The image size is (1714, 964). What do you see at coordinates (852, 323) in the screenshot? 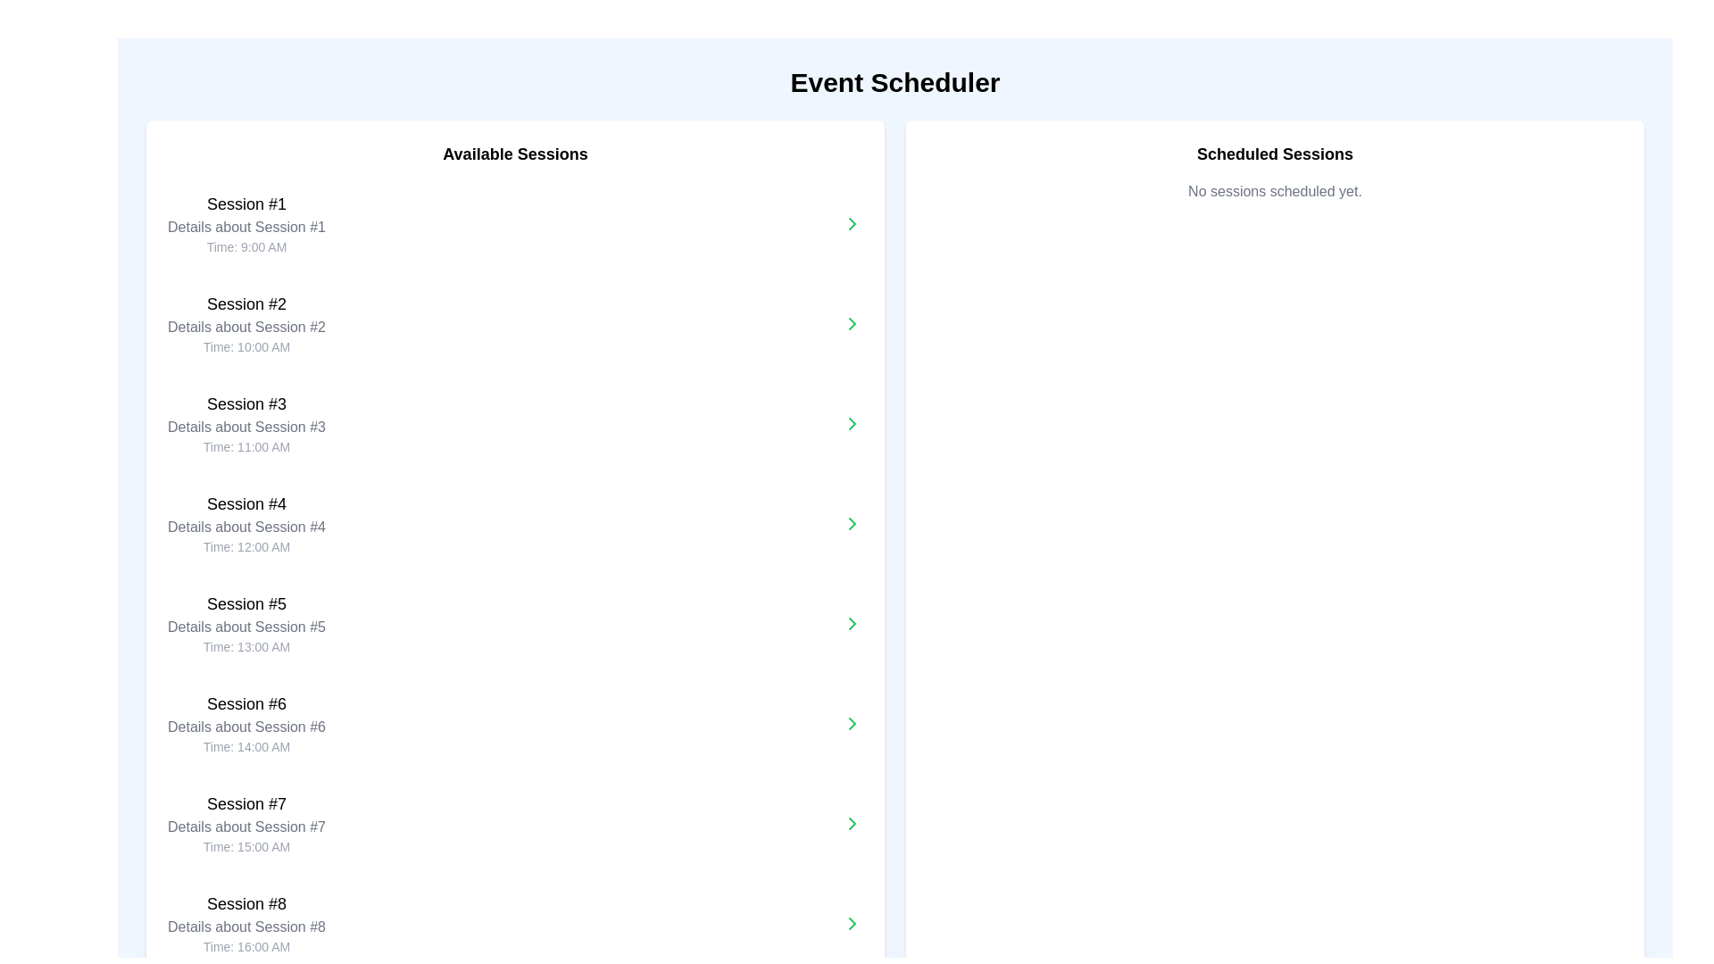
I see `the navigation icon located next to the second session entry labeled 'Session #2' in the 'Available Sessions' column` at bounding box center [852, 323].